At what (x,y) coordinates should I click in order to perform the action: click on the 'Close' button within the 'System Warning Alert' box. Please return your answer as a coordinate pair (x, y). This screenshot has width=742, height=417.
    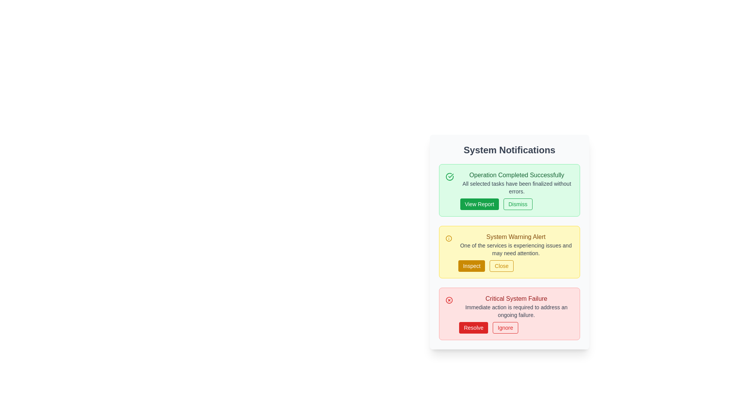
    Looking at the image, I should click on (516, 266).